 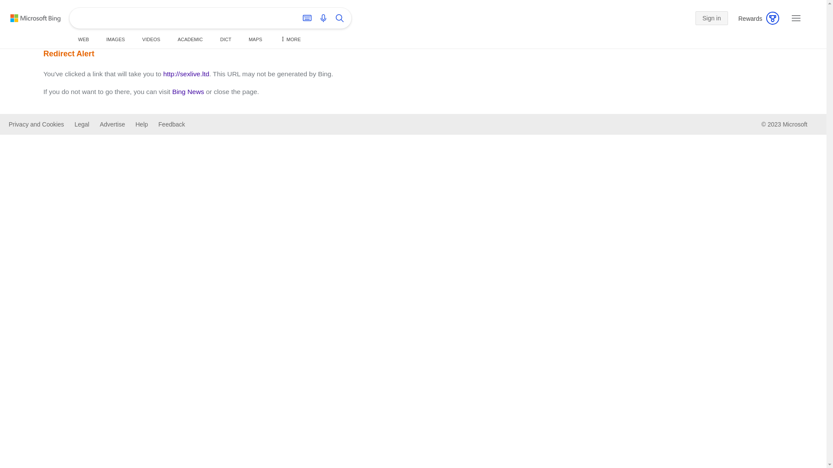 What do you see at coordinates (187, 91) in the screenshot?
I see `'Bing News'` at bounding box center [187, 91].